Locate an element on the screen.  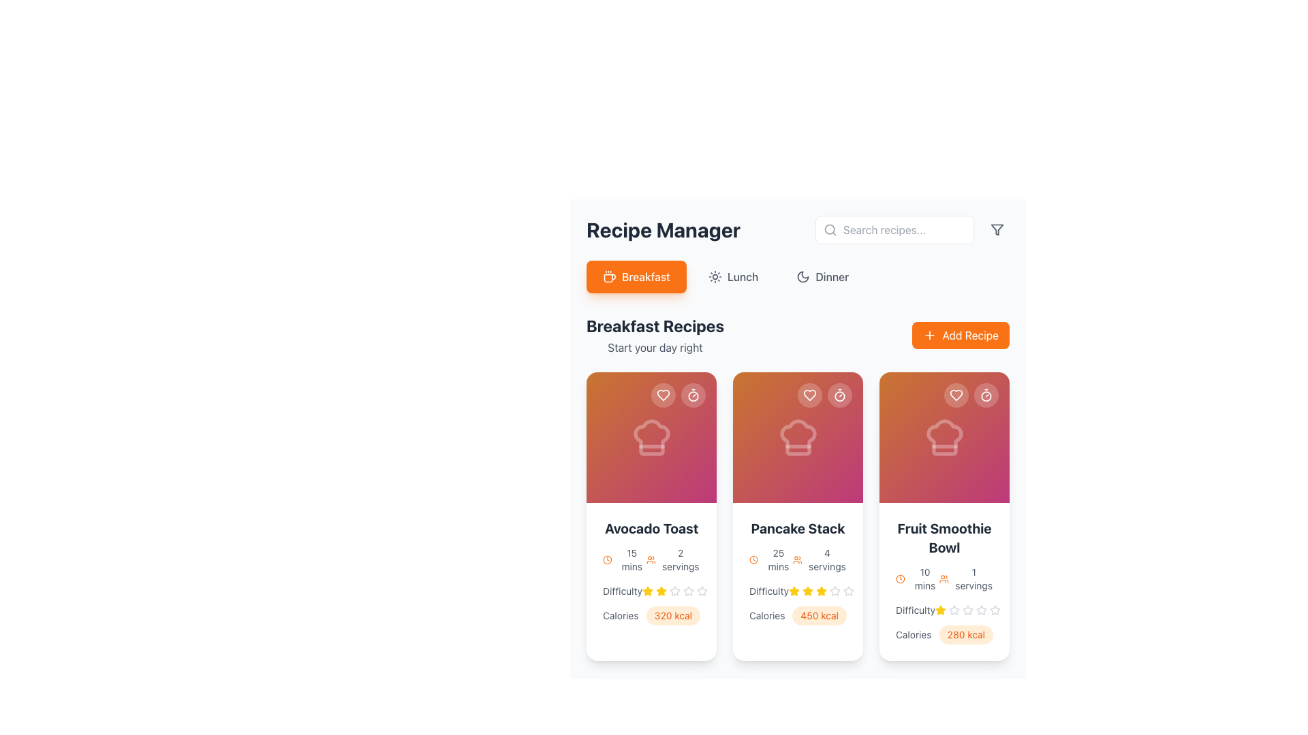
the first yellow star in the rating system located in the 'Breakfast Recipes' section under the 'Avocado Toast' recipe card is located at coordinates (647, 590).